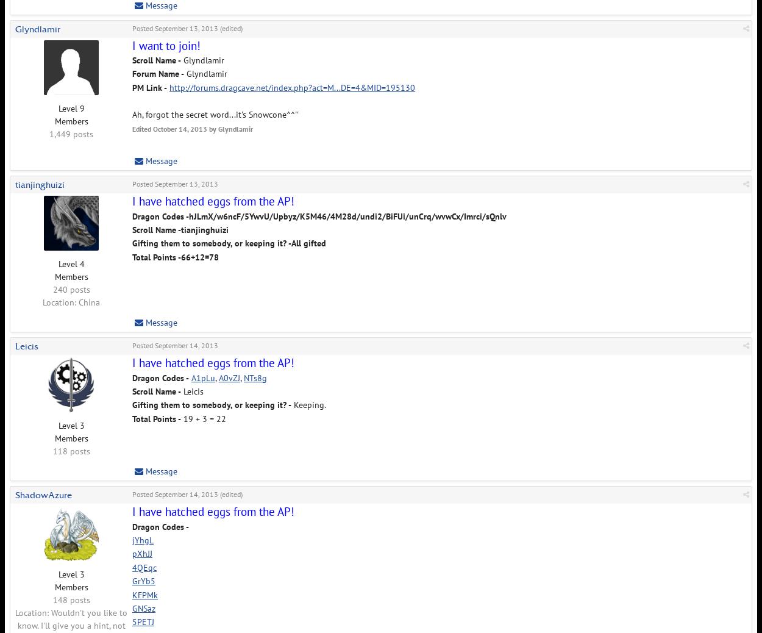 This screenshot has width=762, height=633. What do you see at coordinates (255, 376) in the screenshot?
I see `'NTs8g'` at bounding box center [255, 376].